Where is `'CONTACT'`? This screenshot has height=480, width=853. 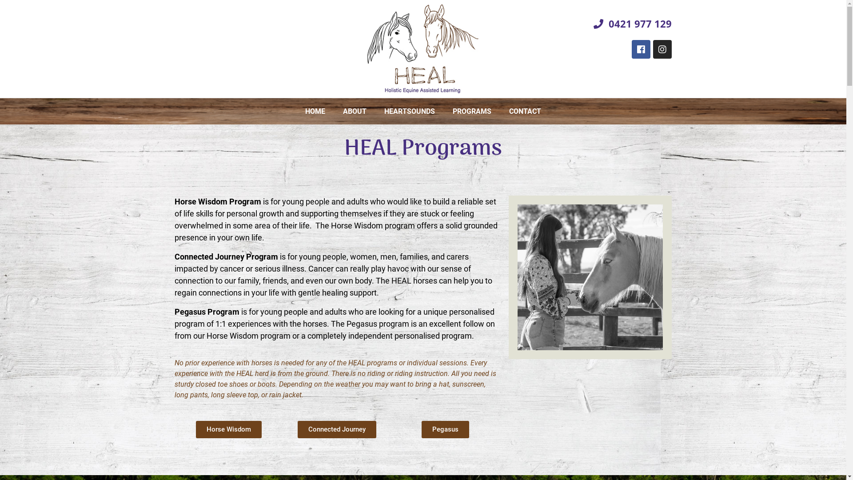
'CONTACT' is located at coordinates (525, 111).